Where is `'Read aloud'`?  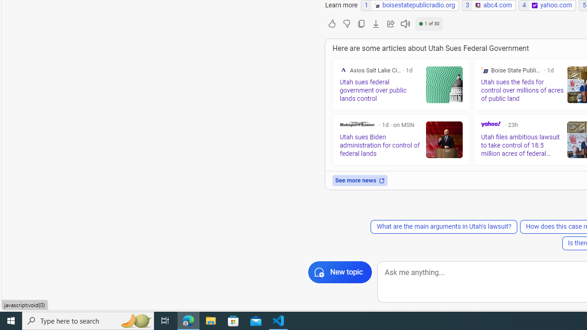
'Read aloud' is located at coordinates (404, 23).